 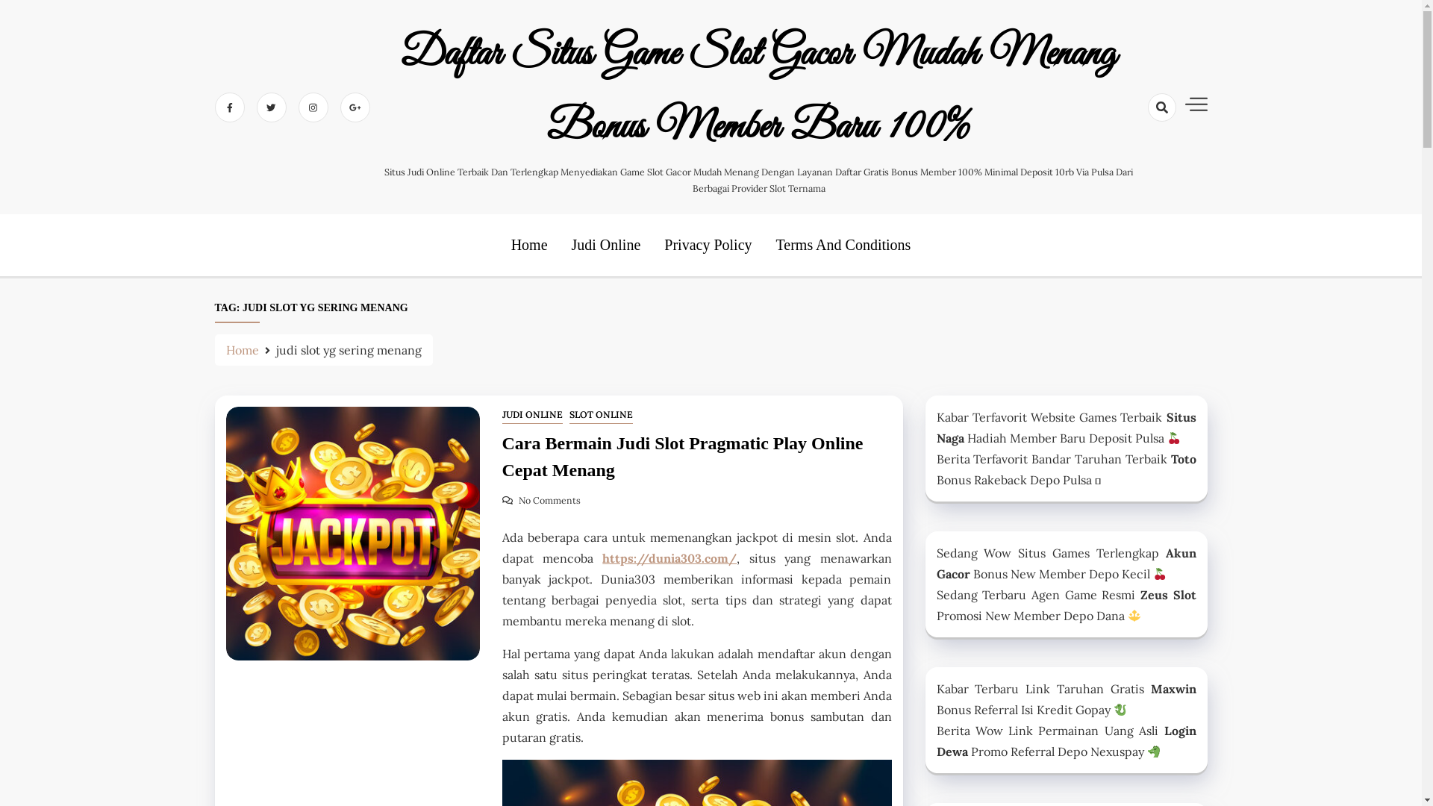 What do you see at coordinates (601, 415) in the screenshot?
I see `'SLOT ONLINE'` at bounding box center [601, 415].